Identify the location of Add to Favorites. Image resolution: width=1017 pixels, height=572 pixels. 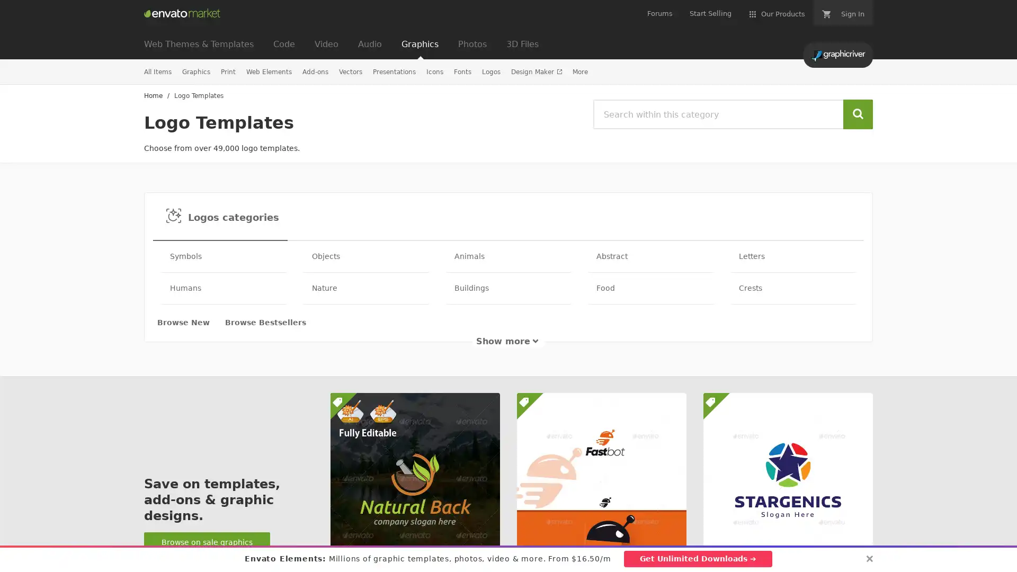
(672, 547).